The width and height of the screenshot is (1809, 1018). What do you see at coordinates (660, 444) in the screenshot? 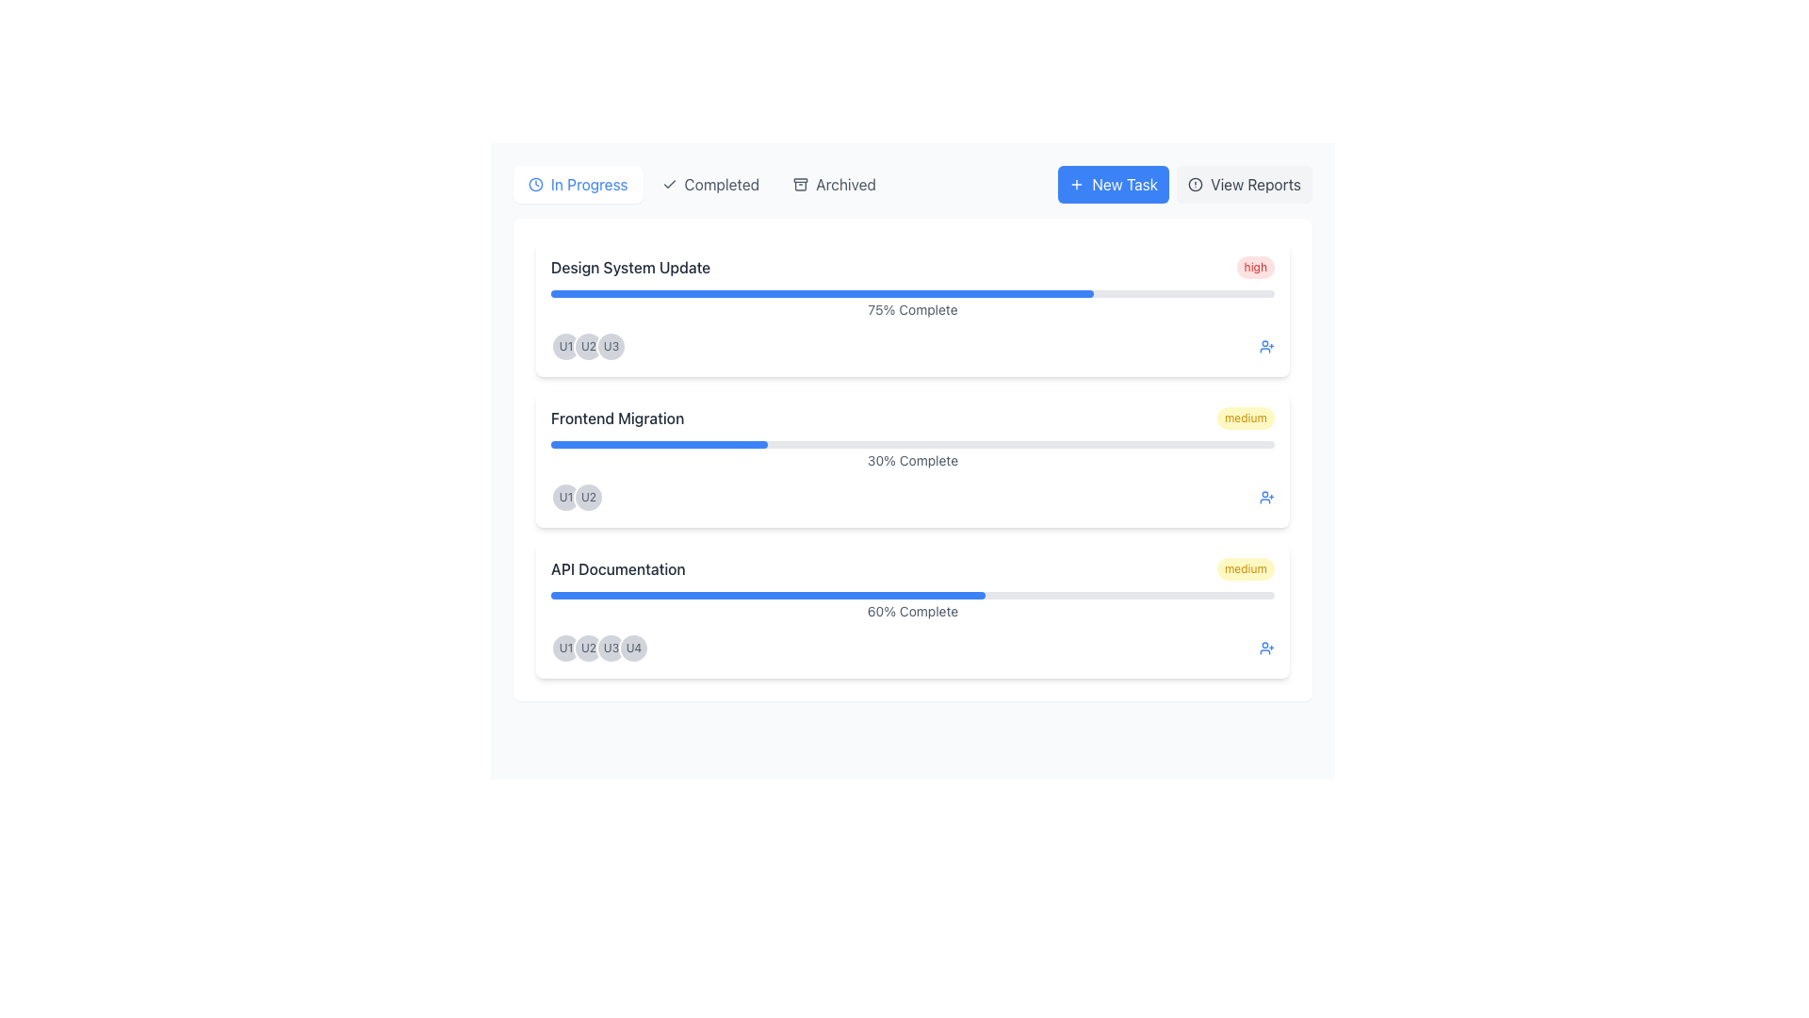
I see `the progress bar segment indicating 30% completion of the 'Frontend Migration' task, located in the second row of tasks` at bounding box center [660, 444].